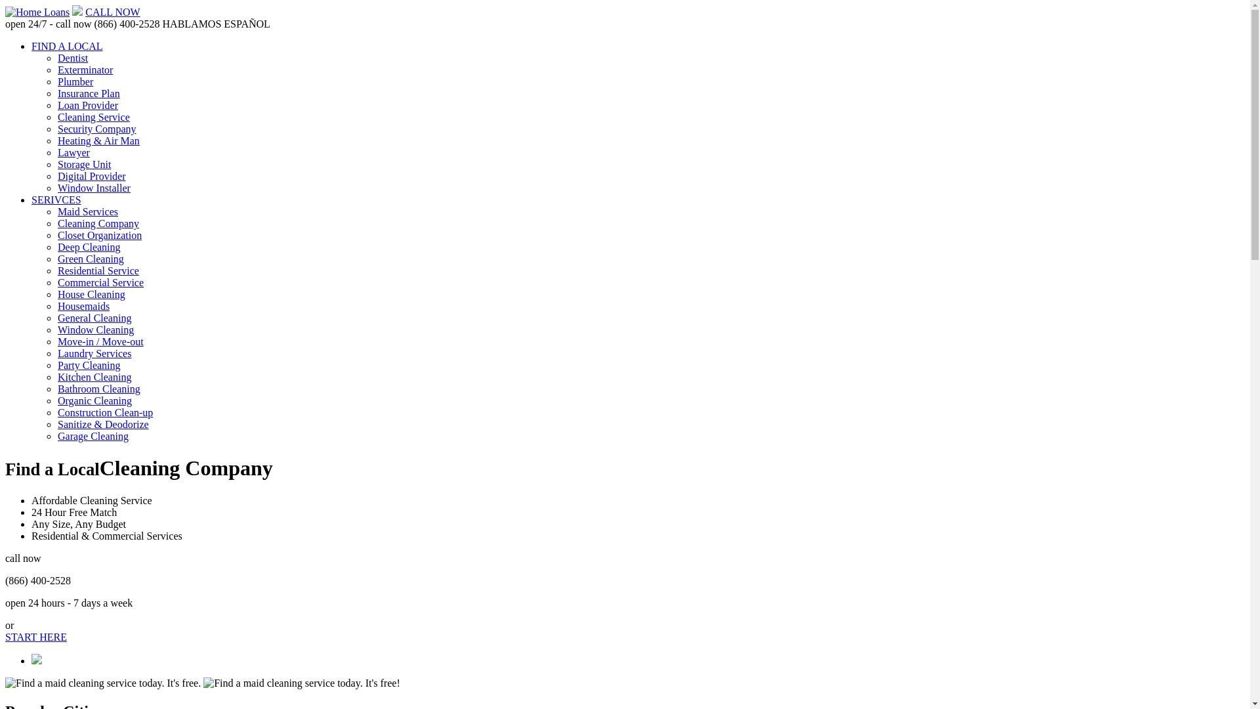 This screenshot has width=1260, height=709. Describe the element at coordinates (91, 175) in the screenshot. I see `'Digital Provider'` at that location.